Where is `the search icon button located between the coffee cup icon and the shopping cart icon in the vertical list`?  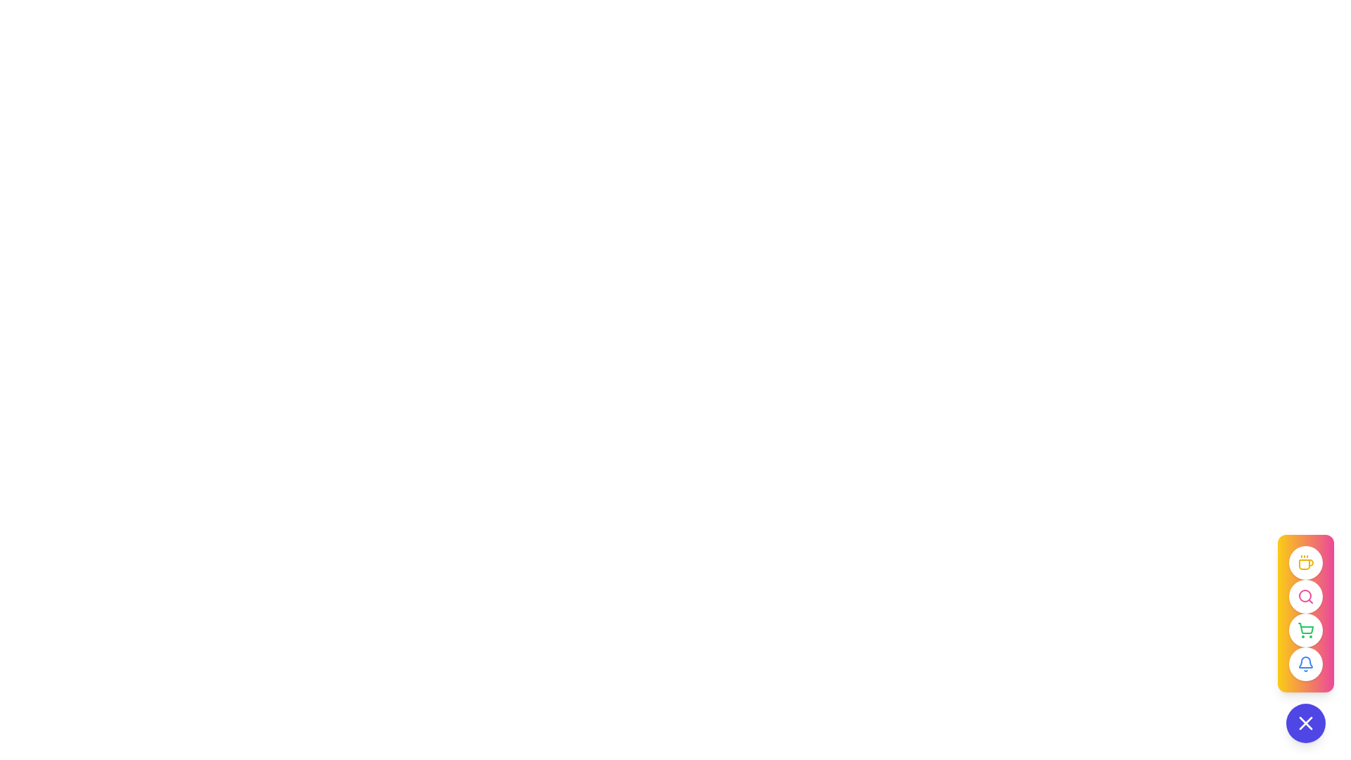 the search icon button located between the coffee cup icon and the shopping cart icon in the vertical list is located at coordinates (1305, 597).